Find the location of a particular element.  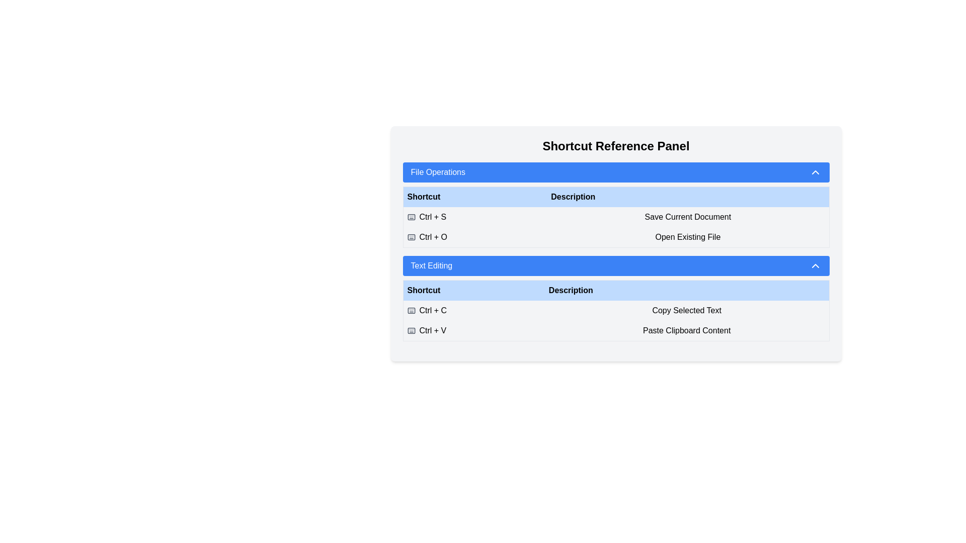

the non-interactive text label that indicates the 'Ctrl + V' keyboard shortcut in the 'Text Editing' section of the 'Shortcut Reference Panel' is located at coordinates (433, 331).